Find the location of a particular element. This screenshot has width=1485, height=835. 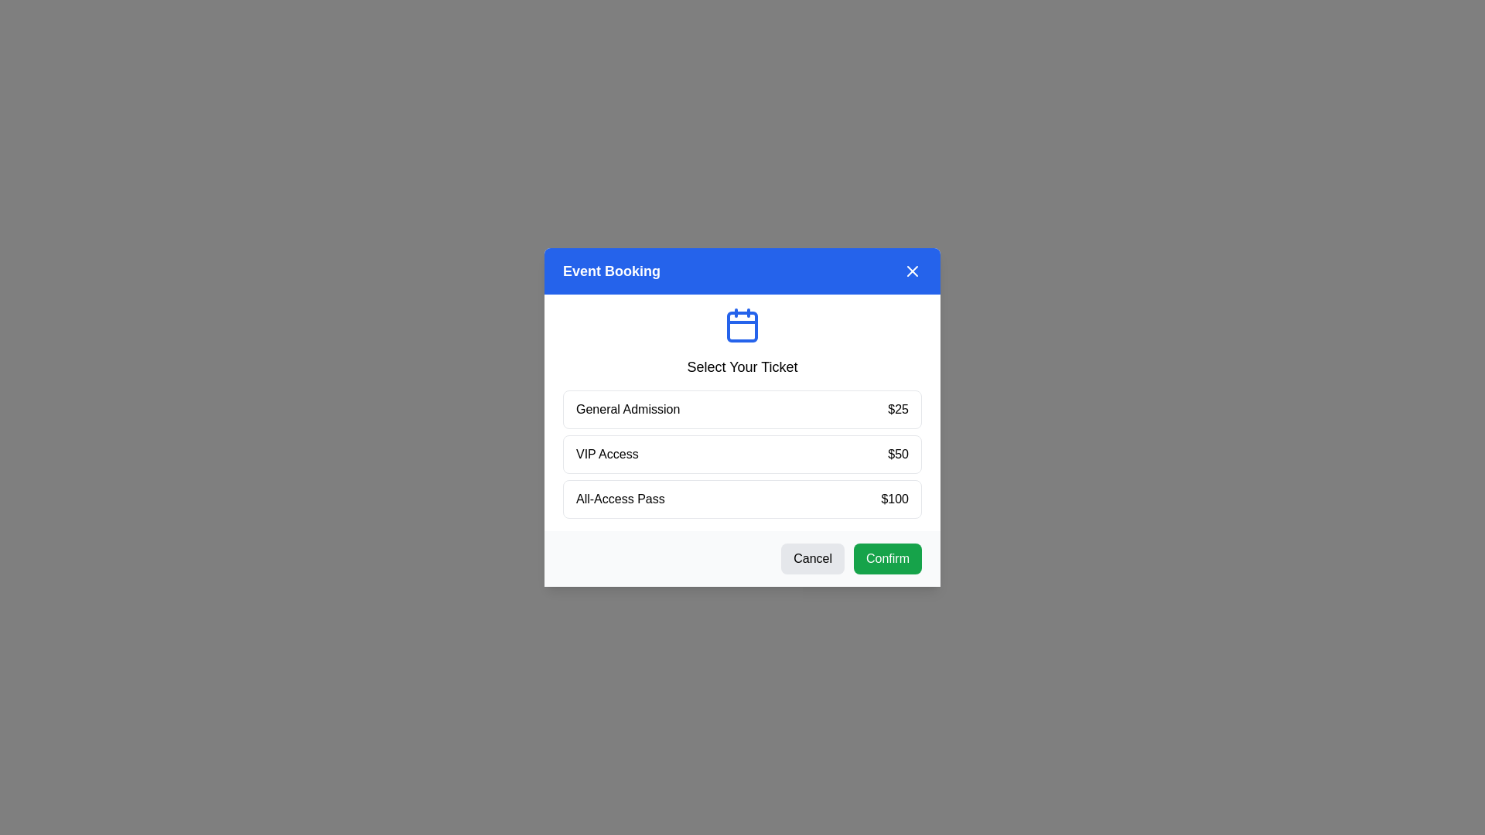

the 'VIP Access' button, which is the second item in a vertical list and features a light blue background on hover is located at coordinates (742, 453).